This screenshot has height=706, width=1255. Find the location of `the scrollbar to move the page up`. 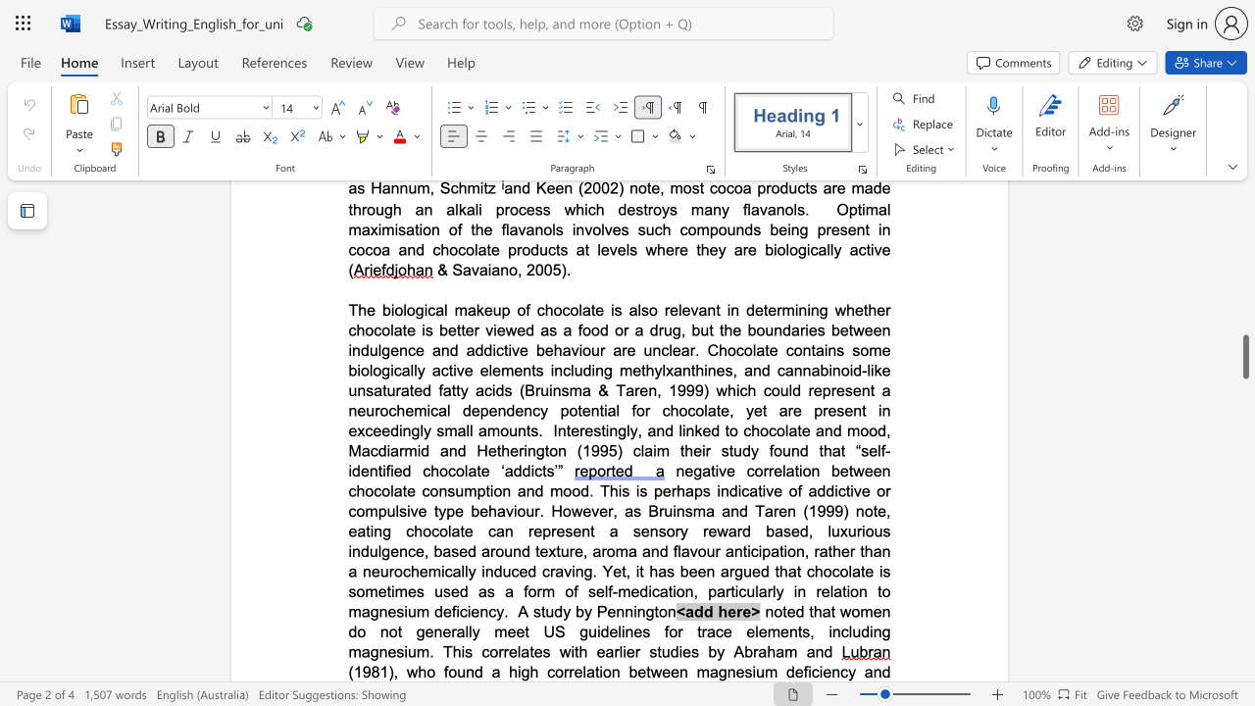

the scrollbar to move the page up is located at coordinates (1244, 253).